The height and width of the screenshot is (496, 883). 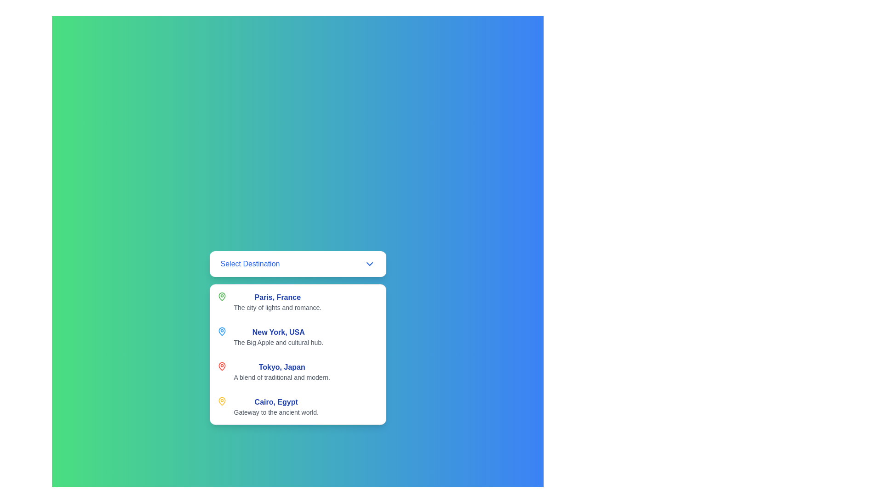 What do you see at coordinates (222, 401) in the screenshot?
I see `the yellow map pin icon located to the left of the 'Cairo, Egypt' text` at bounding box center [222, 401].